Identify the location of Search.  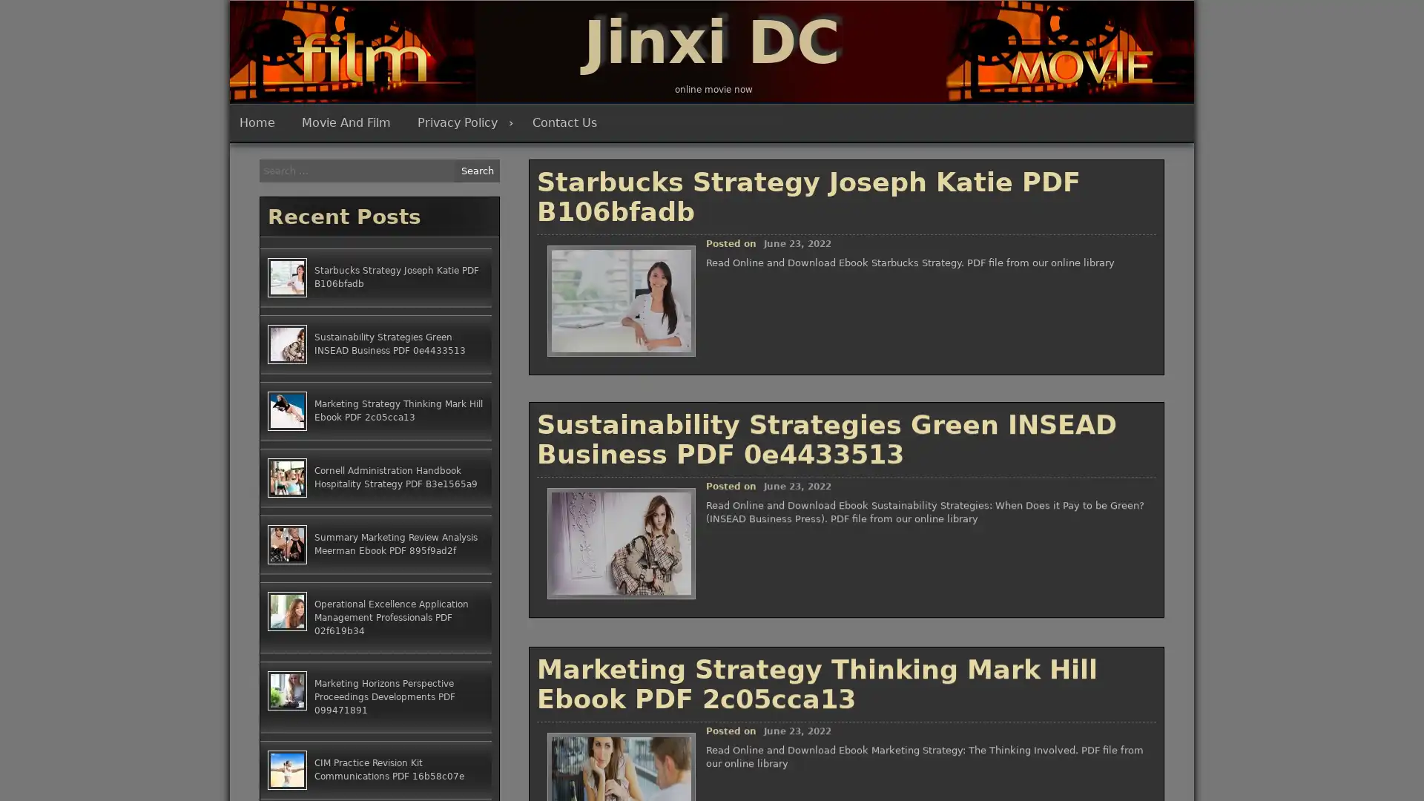
(477, 170).